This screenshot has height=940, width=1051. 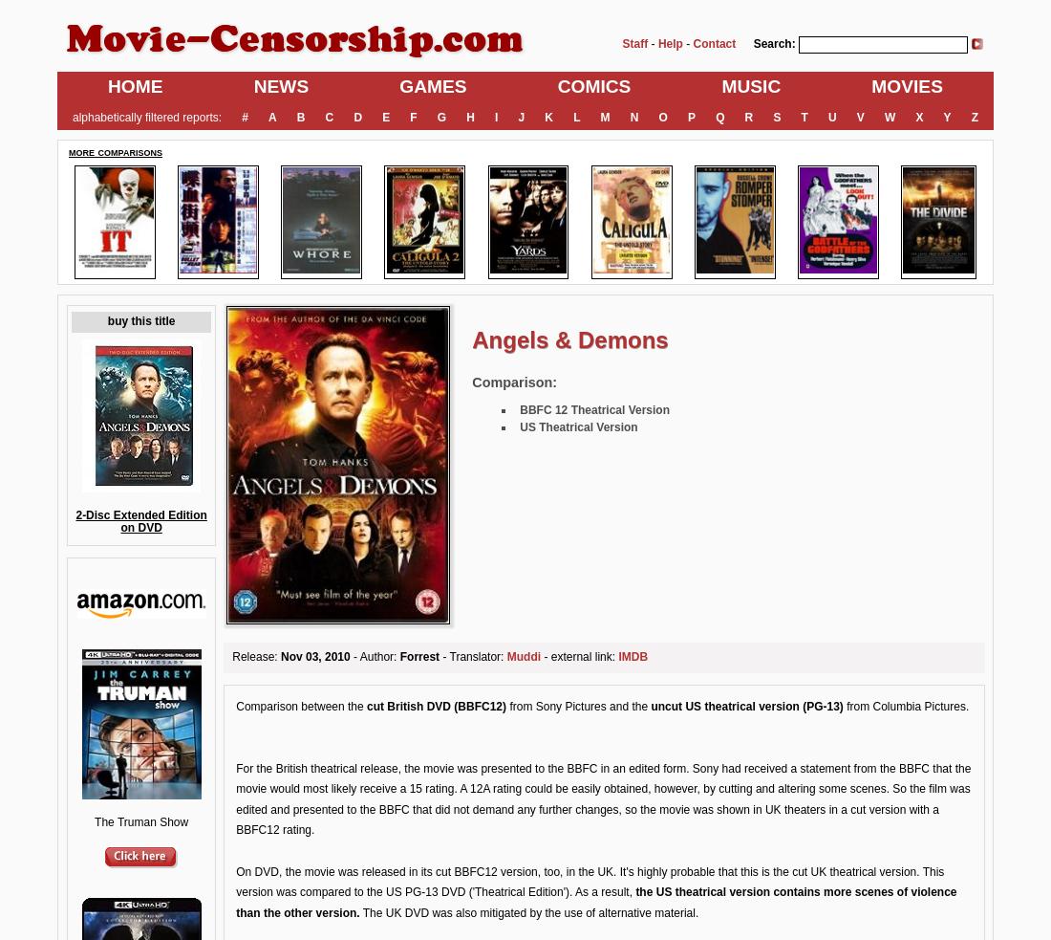 What do you see at coordinates (906, 84) in the screenshot?
I see `'MOVIES'` at bounding box center [906, 84].